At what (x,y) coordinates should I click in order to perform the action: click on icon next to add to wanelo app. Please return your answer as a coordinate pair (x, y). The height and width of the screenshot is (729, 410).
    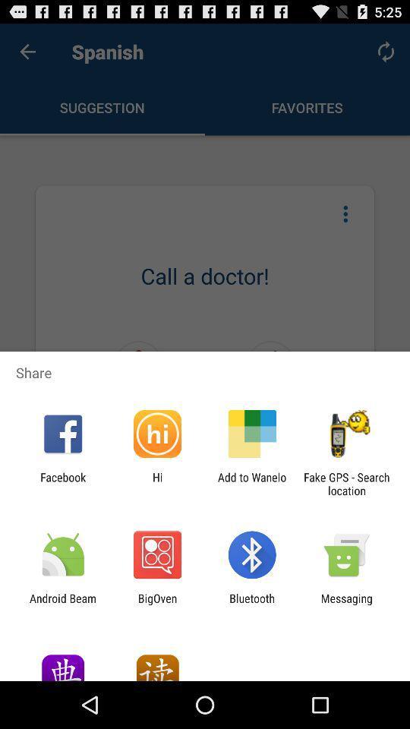
    Looking at the image, I should click on (346, 483).